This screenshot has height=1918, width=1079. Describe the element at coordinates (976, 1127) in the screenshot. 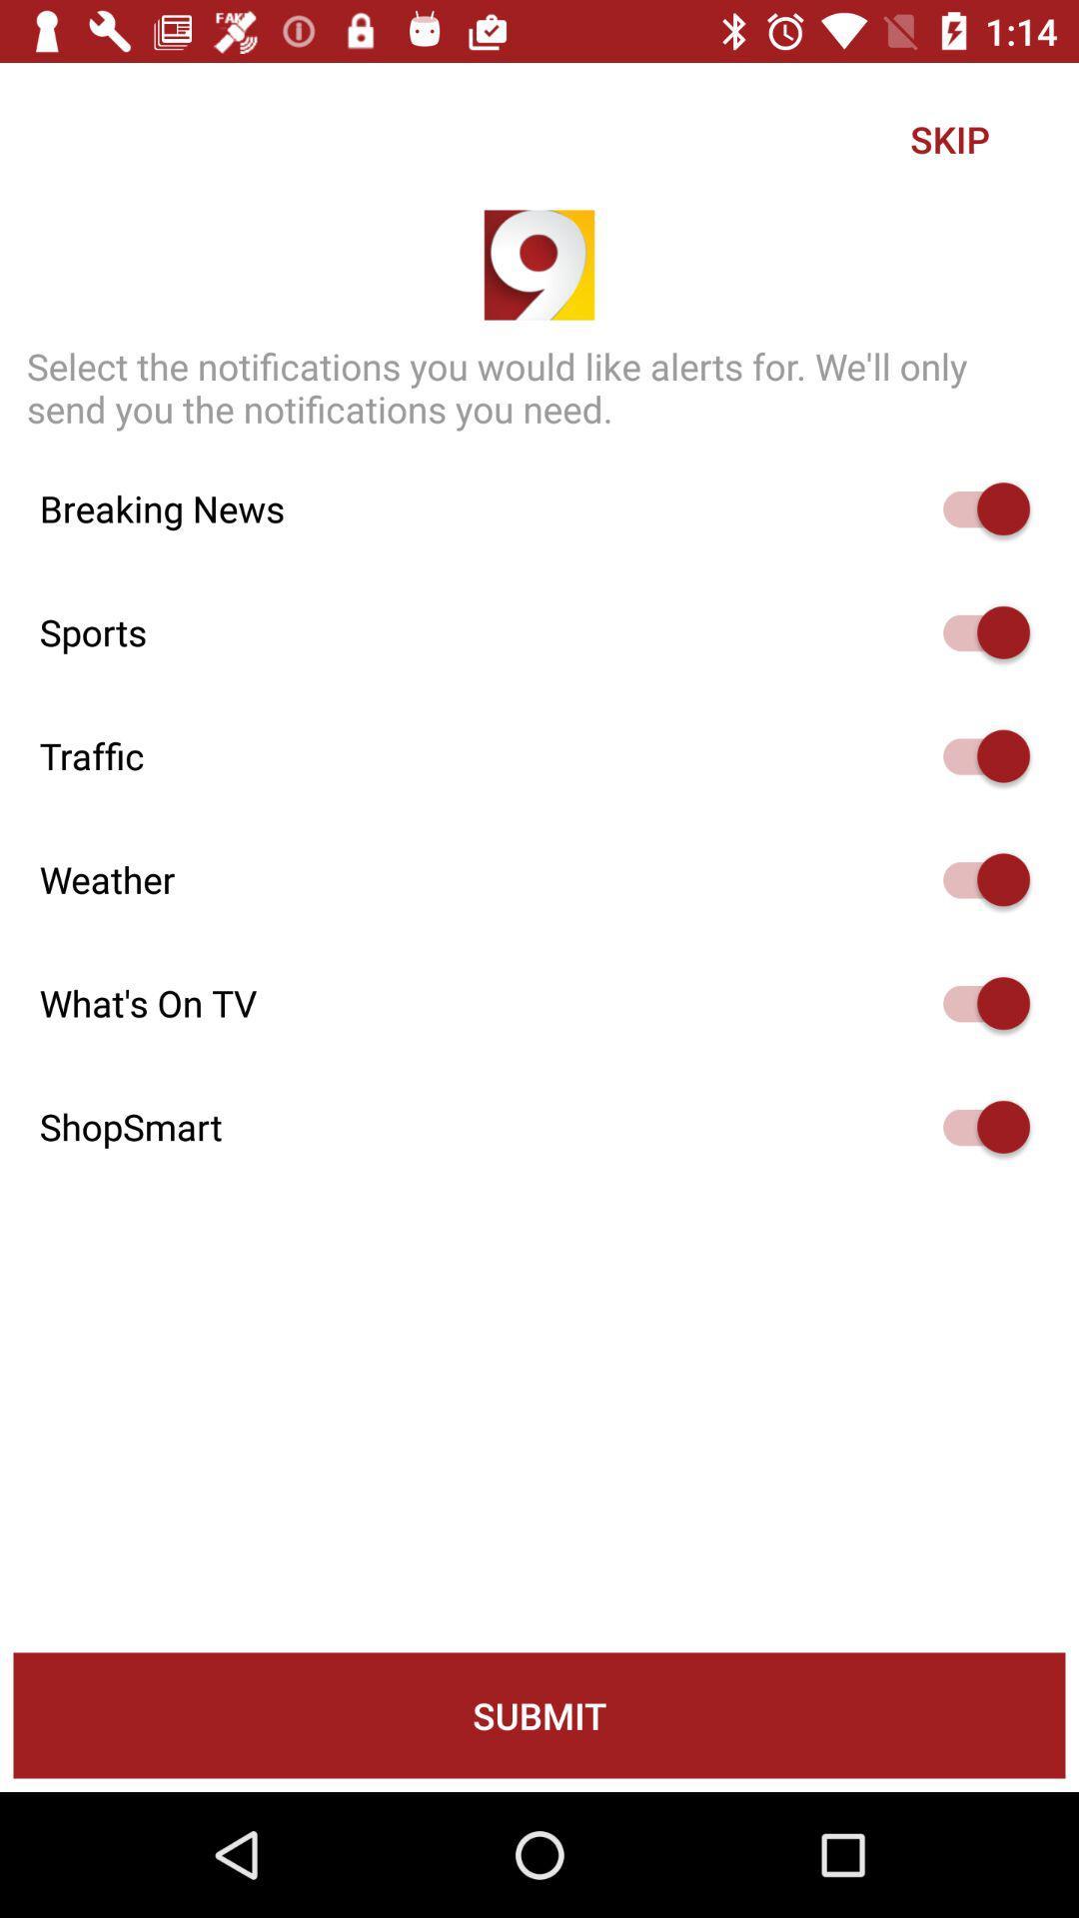

I see `shopsmart` at that location.